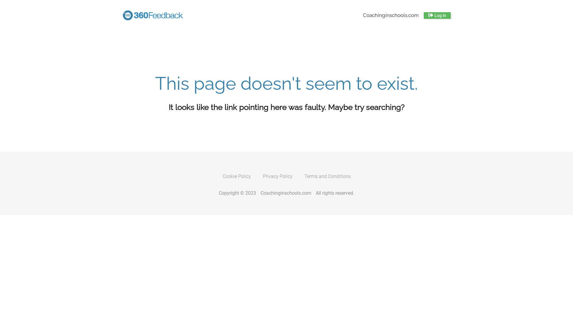  Describe the element at coordinates (391, 15) in the screenshot. I see `'Coachinginschools.com'` at that location.